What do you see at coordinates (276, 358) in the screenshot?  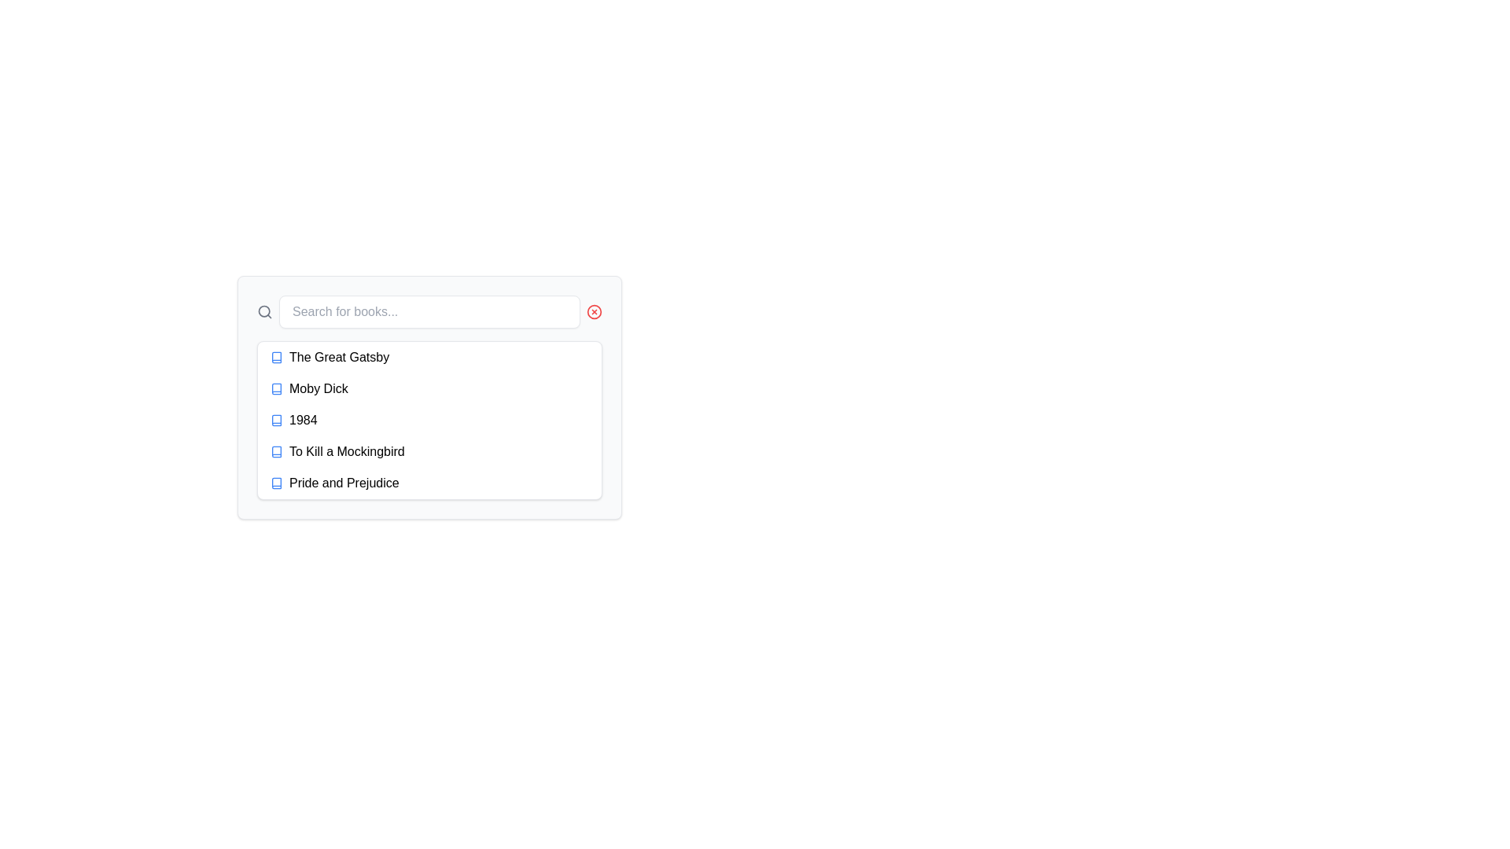 I see `the book-shaped icon with a colorful blue theme located to the left of the 'The Great Gatsby' label in the first list item` at bounding box center [276, 358].